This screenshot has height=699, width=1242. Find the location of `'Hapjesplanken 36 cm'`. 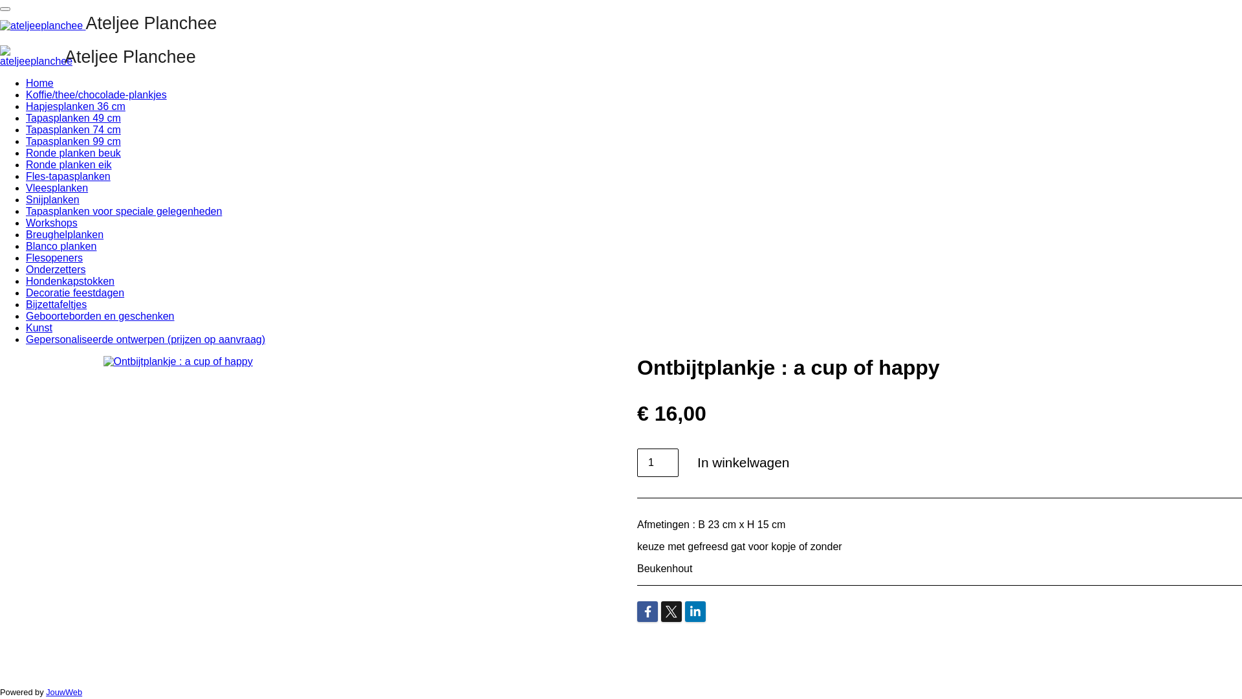

'Hapjesplanken 36 cm' is located at coordinates (74, 105).